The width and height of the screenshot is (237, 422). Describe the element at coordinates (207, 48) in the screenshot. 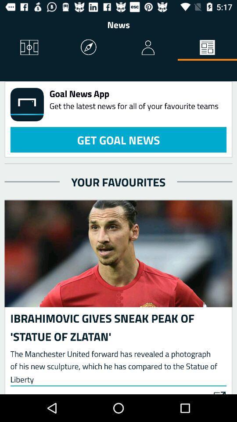

I see `the icon below news` at that location.